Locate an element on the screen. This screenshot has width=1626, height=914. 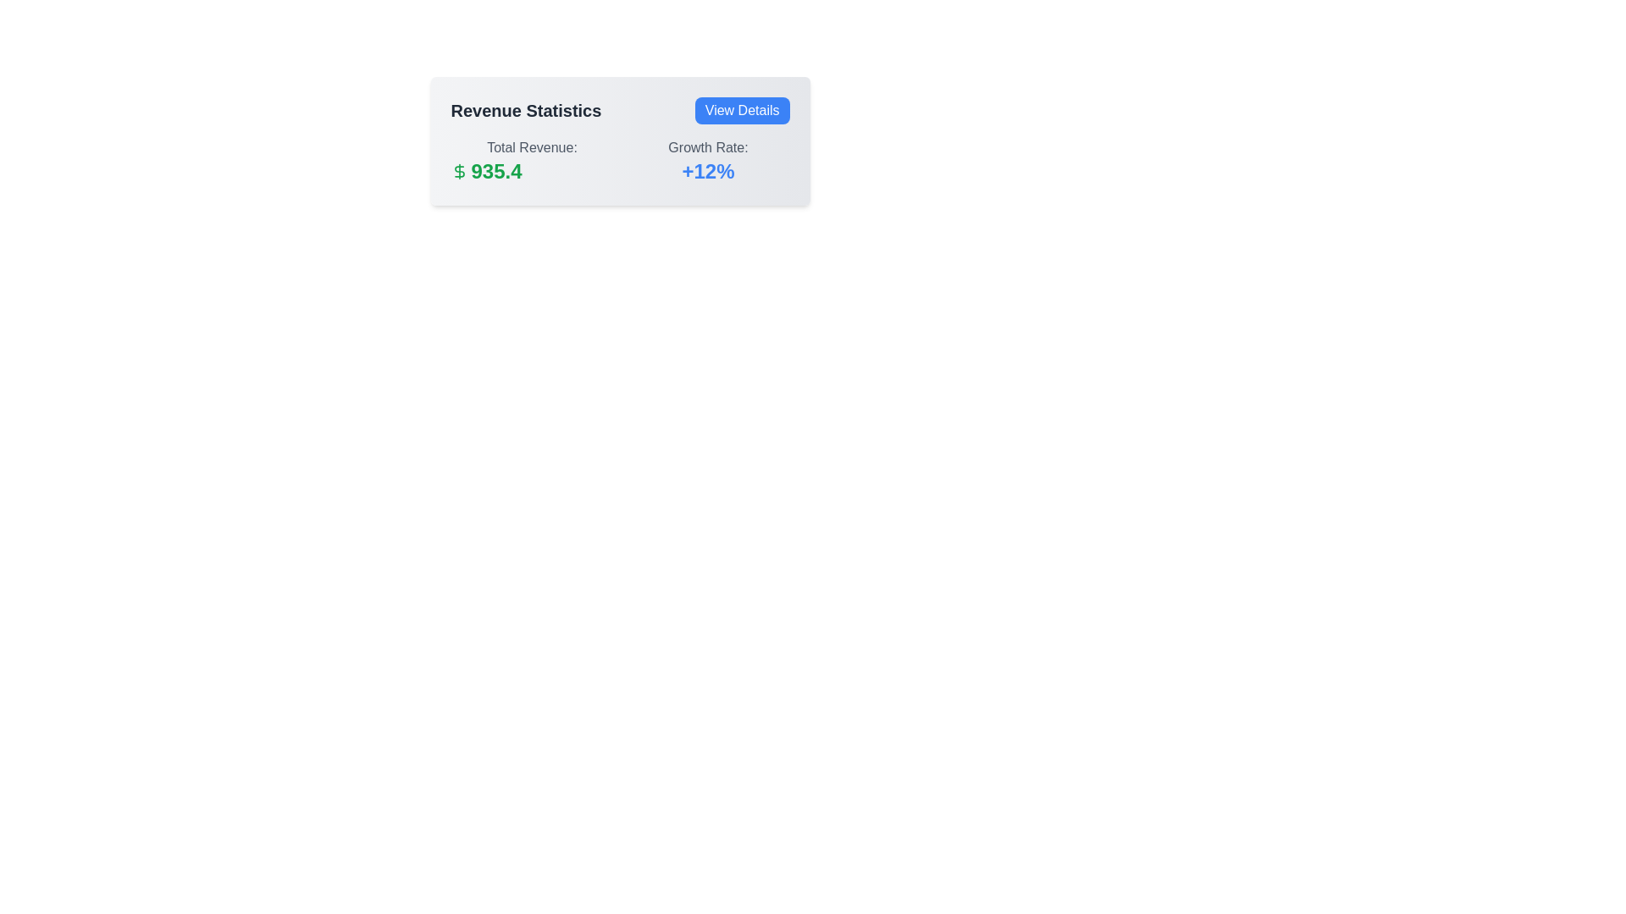
the 'Total Revenue:' text label displayed in gray, located at the upper-left portion of a card-like section is located at coordinates (531, 146).